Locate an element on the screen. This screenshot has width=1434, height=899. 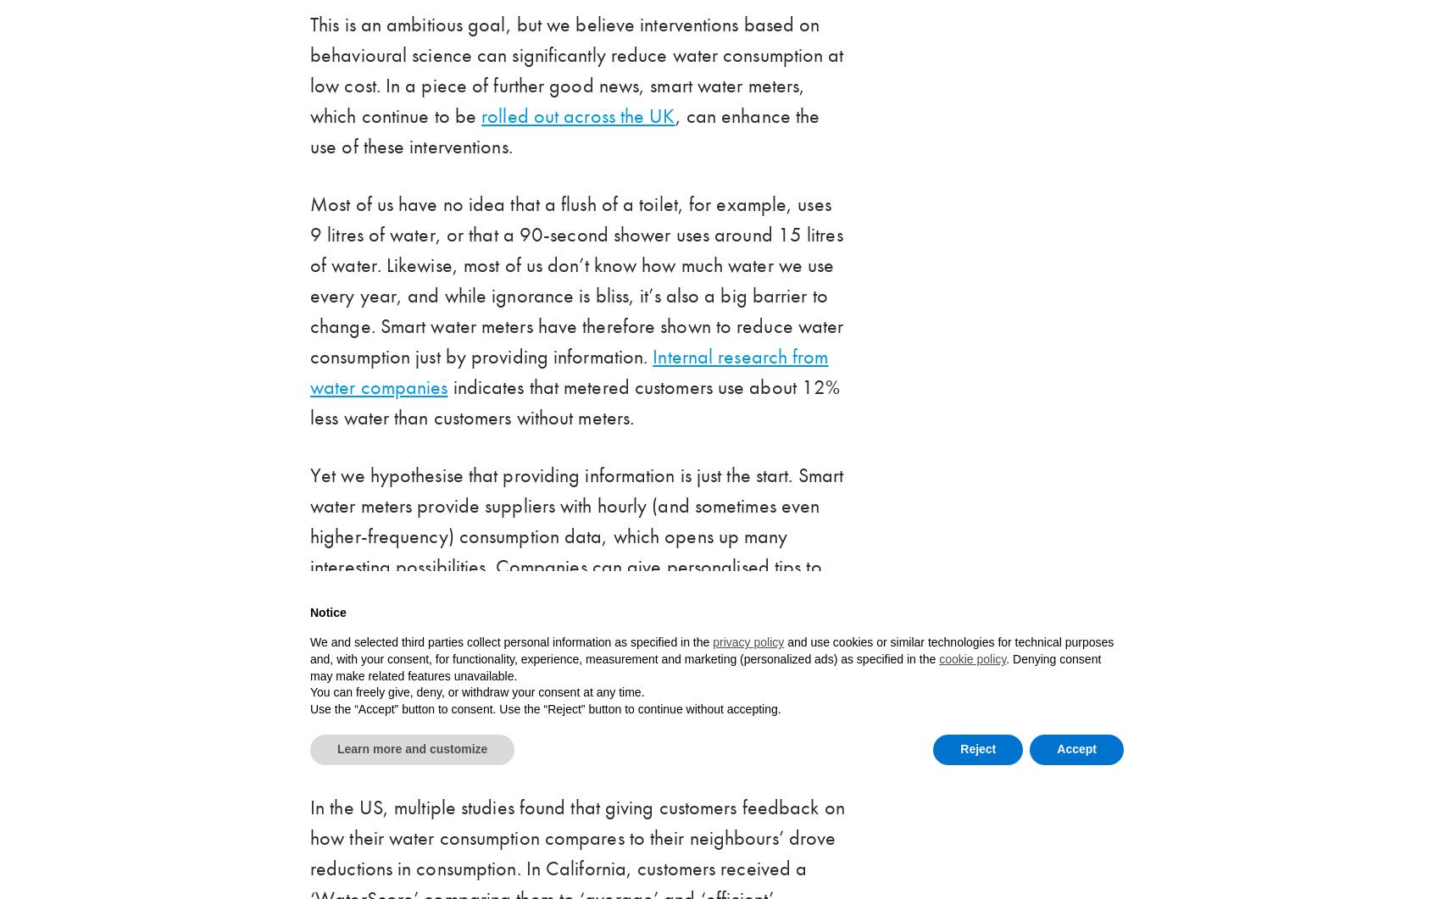
'indicates that metered customers use about 12% less water than customers without meters.' is located at coordinates (575, 402).